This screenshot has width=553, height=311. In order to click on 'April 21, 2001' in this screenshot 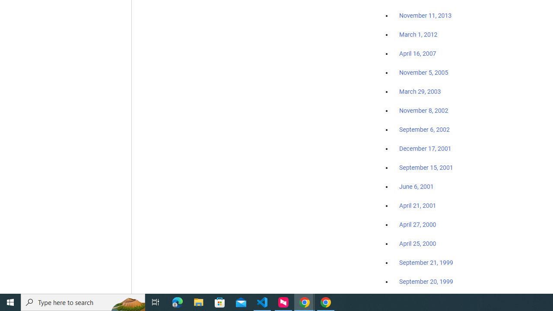, I will do `click(418, 206)`.